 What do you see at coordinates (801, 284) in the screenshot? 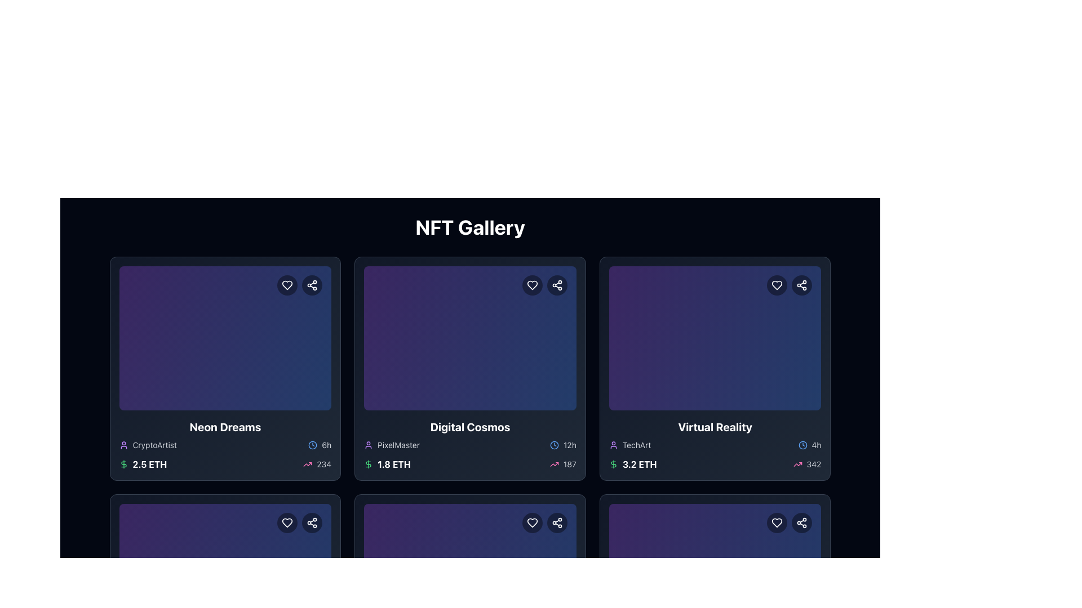
I see `the share button located in the top-right corner of the third card in the first row of the grid layout displaying NFT items` at bounding box center [801, 284].